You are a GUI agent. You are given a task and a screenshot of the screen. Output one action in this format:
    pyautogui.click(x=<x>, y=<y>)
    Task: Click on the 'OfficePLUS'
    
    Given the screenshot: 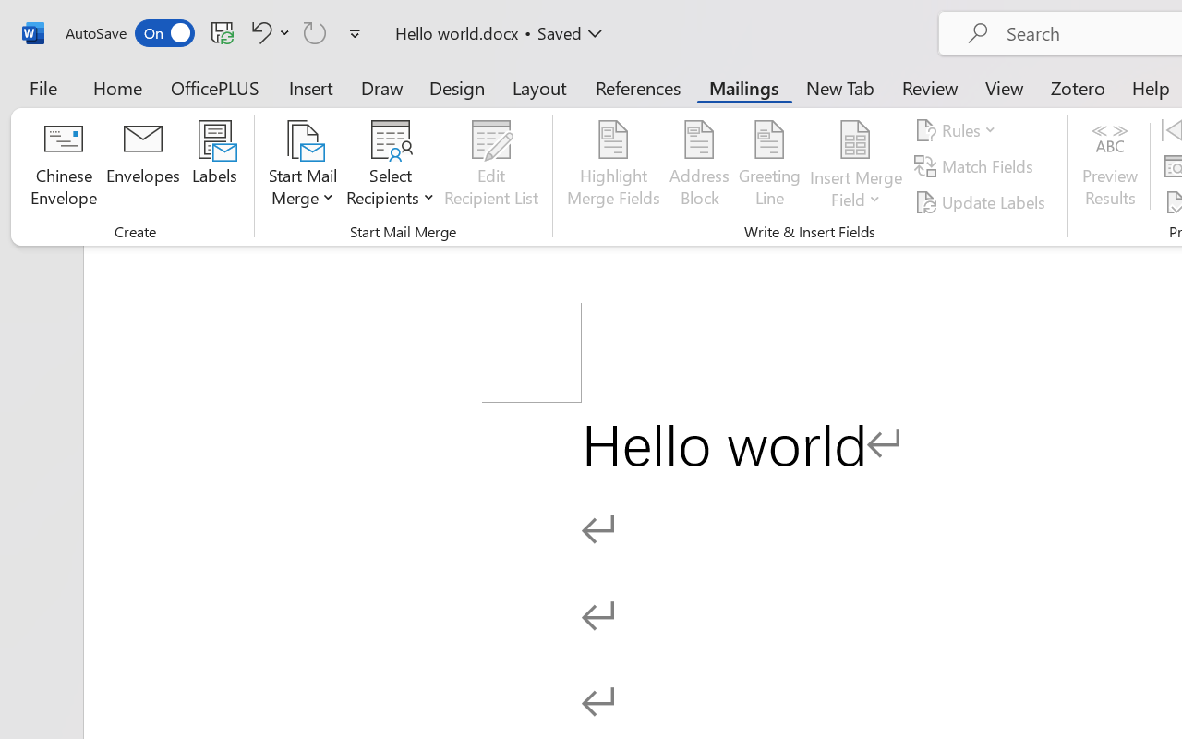 What is the action you would take?
    pyautogui.click(x=215, y=87)
    